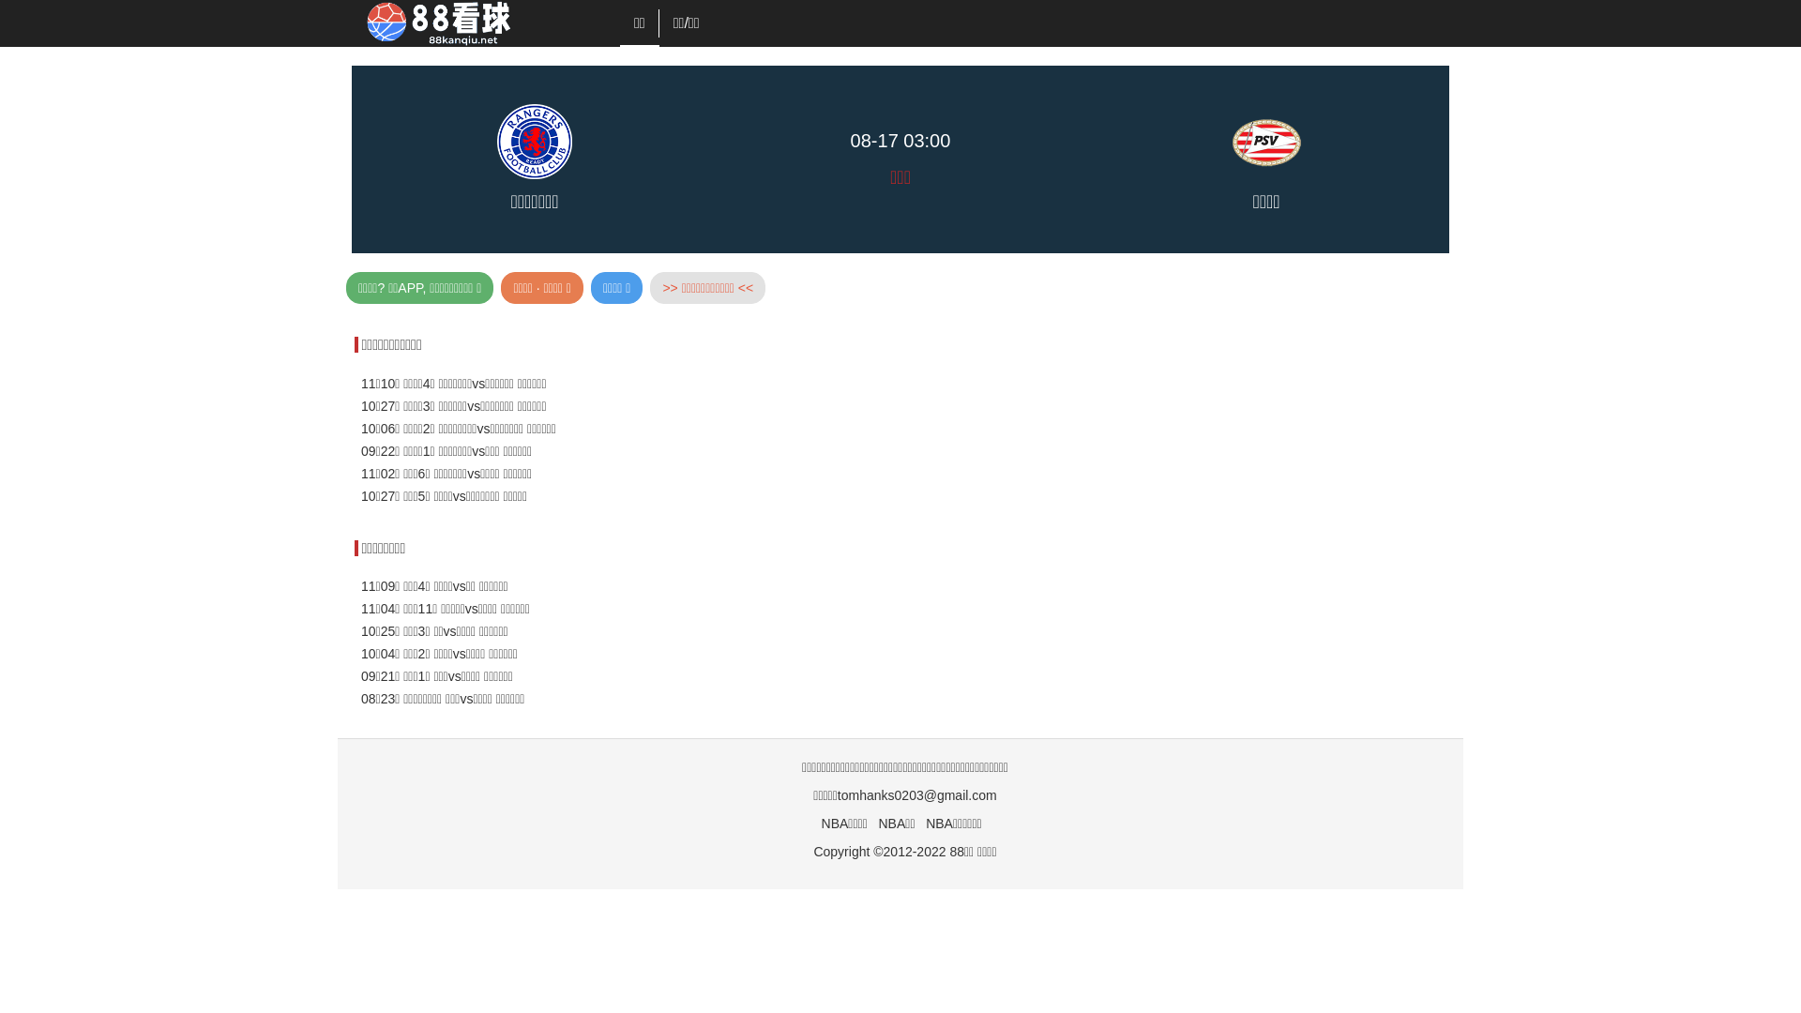 Image resolution: width=1801 pixels, height=1013 pixels. I want to click on 'tomhanks0203@gmail.com', so click(917, 795).